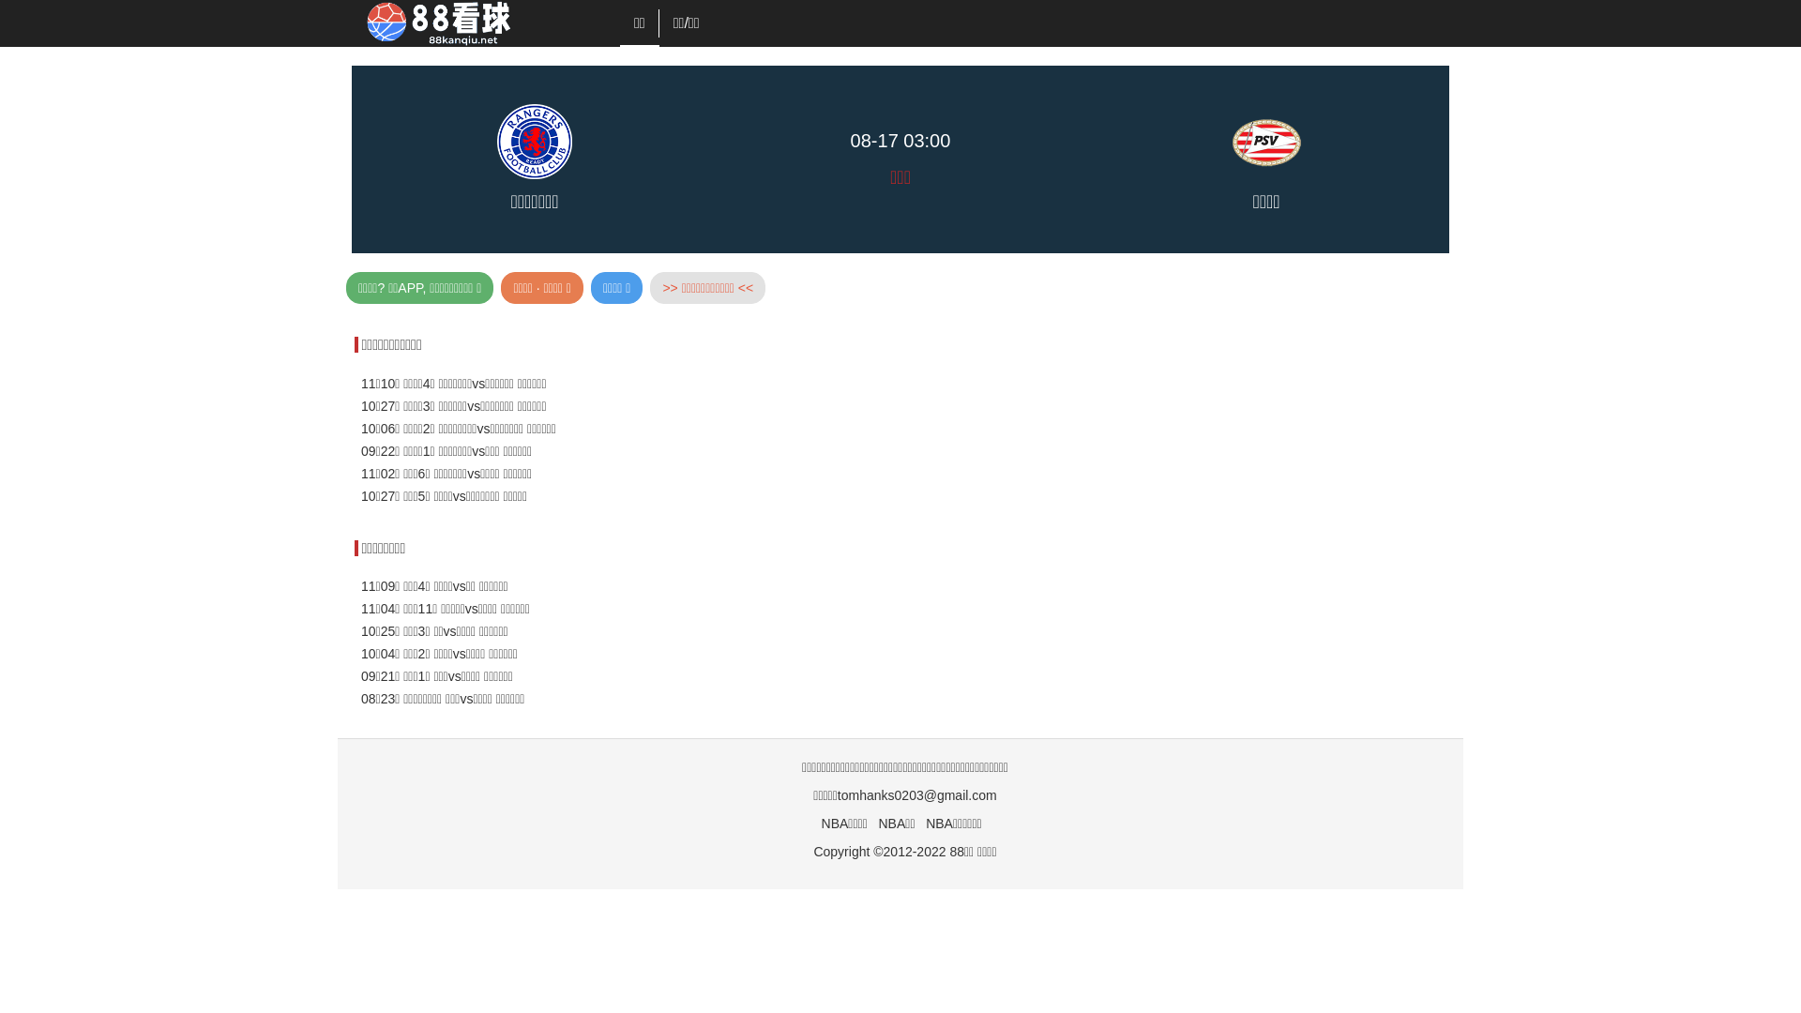 Image resolution: width=1801 pixels, height=1013 pixels. I want to click on 'tomhanks0203@gmail.com', so click(917, 795).